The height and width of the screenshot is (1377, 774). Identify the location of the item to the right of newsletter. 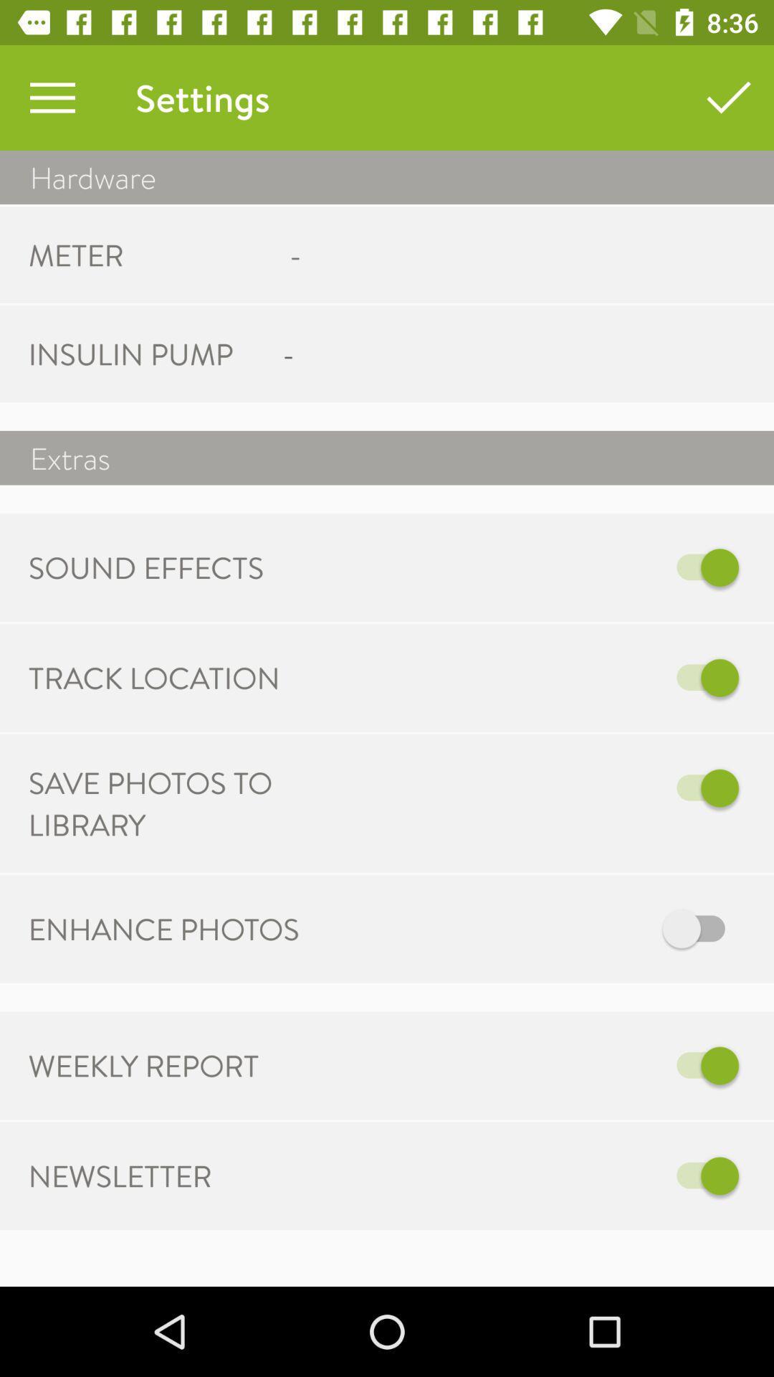
(535, 1175).